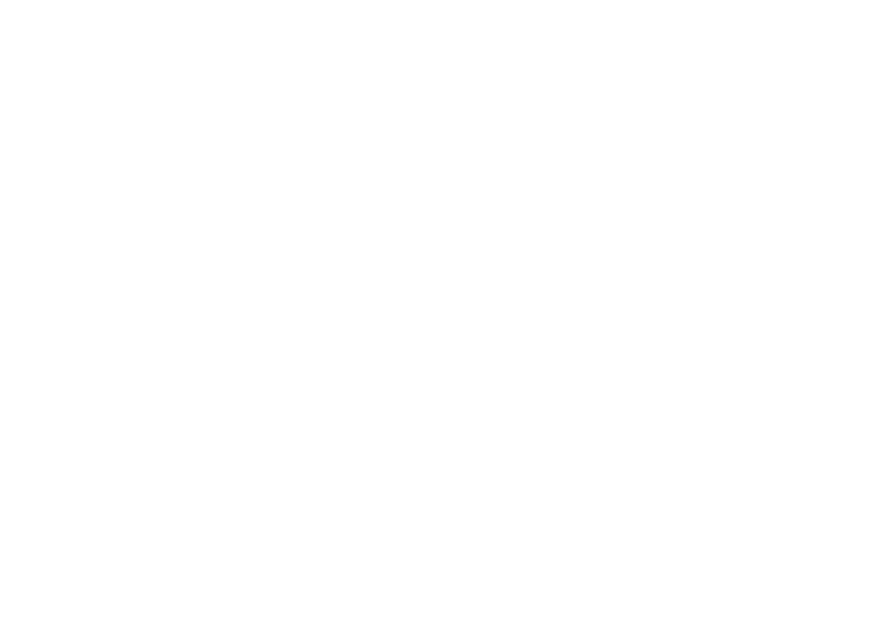 The width and height of the screenshot is (889, 630). Describe the element at coordinates (307, 341) in the screenshot. I see `'2930, Edouard Montpetit St., Suite PH2, Montreal (Quebec) H3T 1J7, Canada'` at that location.